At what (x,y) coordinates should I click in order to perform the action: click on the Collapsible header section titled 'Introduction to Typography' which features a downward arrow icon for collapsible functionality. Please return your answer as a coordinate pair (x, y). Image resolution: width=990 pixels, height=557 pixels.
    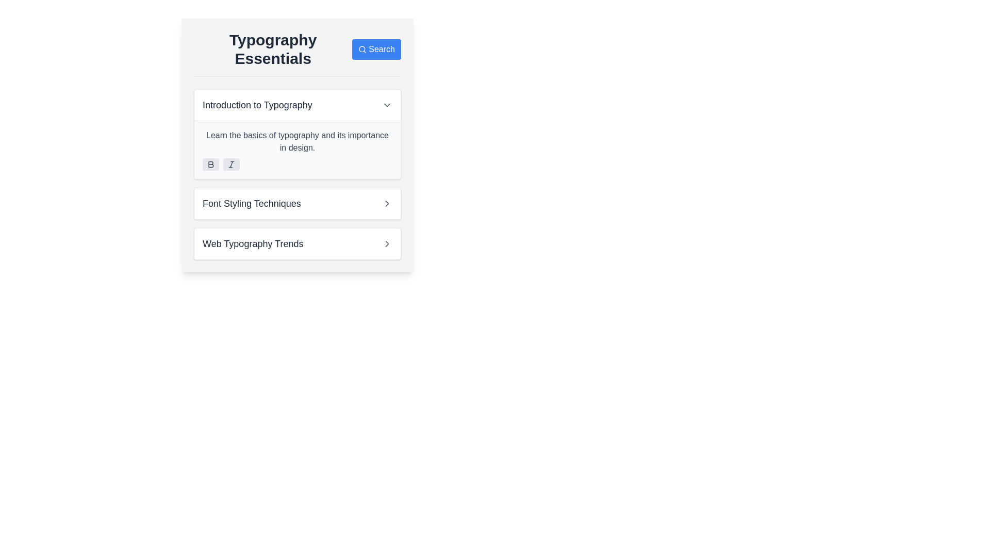
    Looking at the image, I should click on (296, 105).